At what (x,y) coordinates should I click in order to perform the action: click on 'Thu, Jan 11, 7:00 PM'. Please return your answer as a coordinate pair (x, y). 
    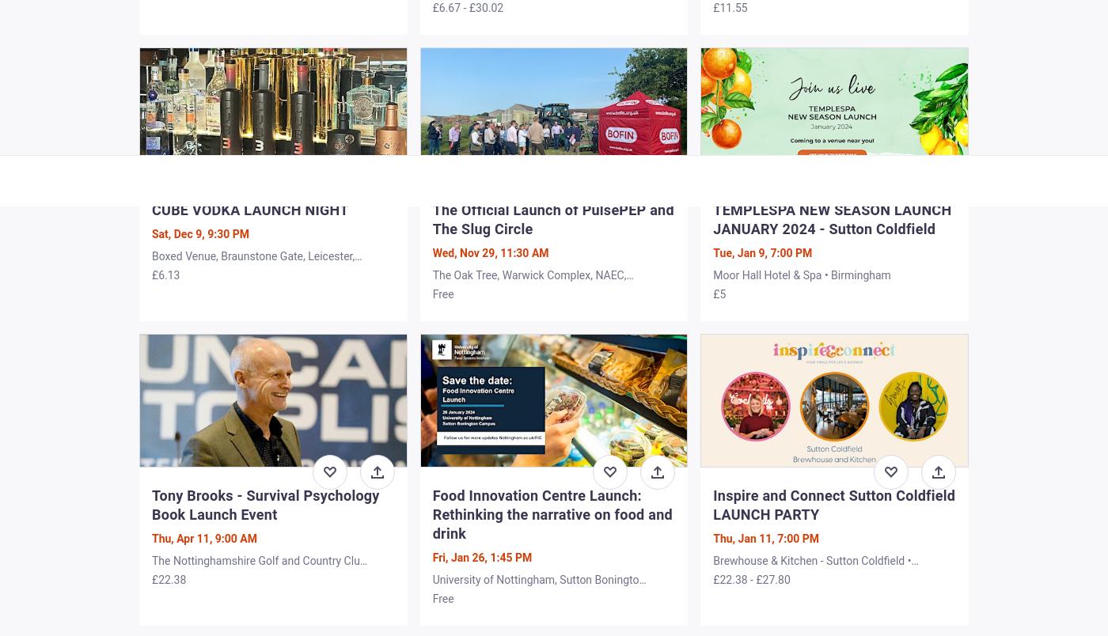
    Looking at the image, I should click on (765, 537).